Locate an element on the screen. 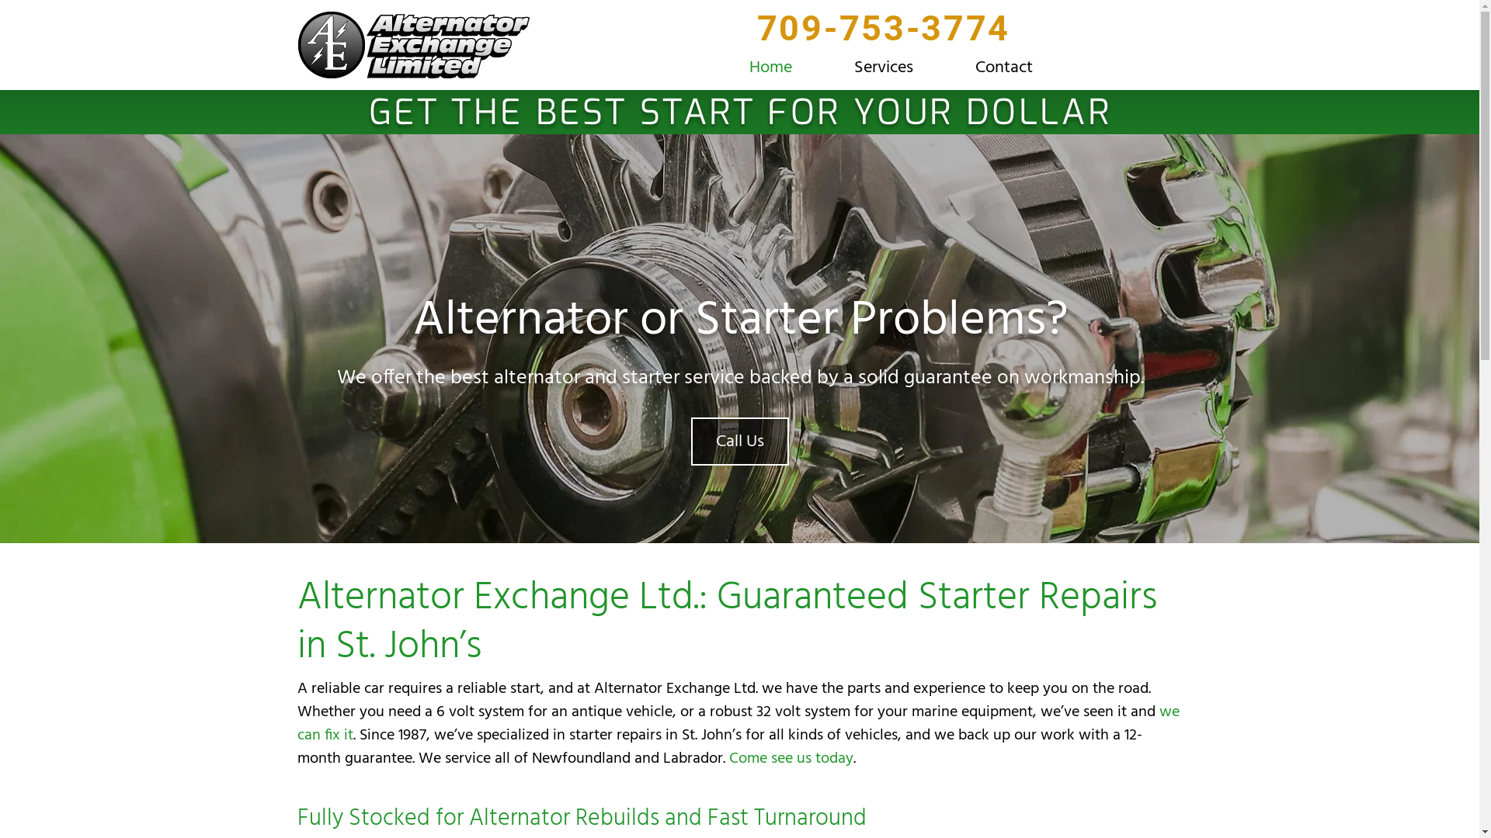 The width and height of the screenshot is (1491, 838). 'Contact' is located at coordinates (943, 63).